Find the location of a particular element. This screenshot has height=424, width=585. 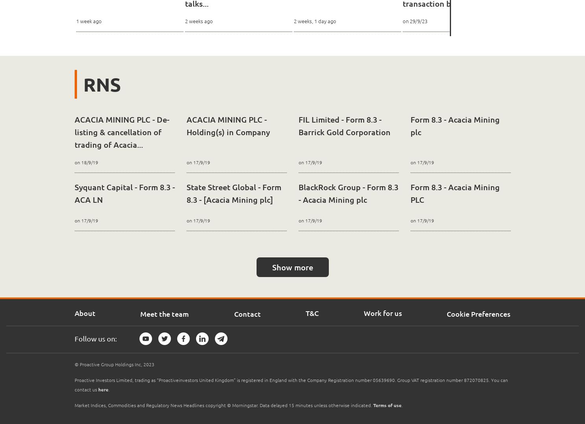

'Contact' is located at coordinates (246, 313).